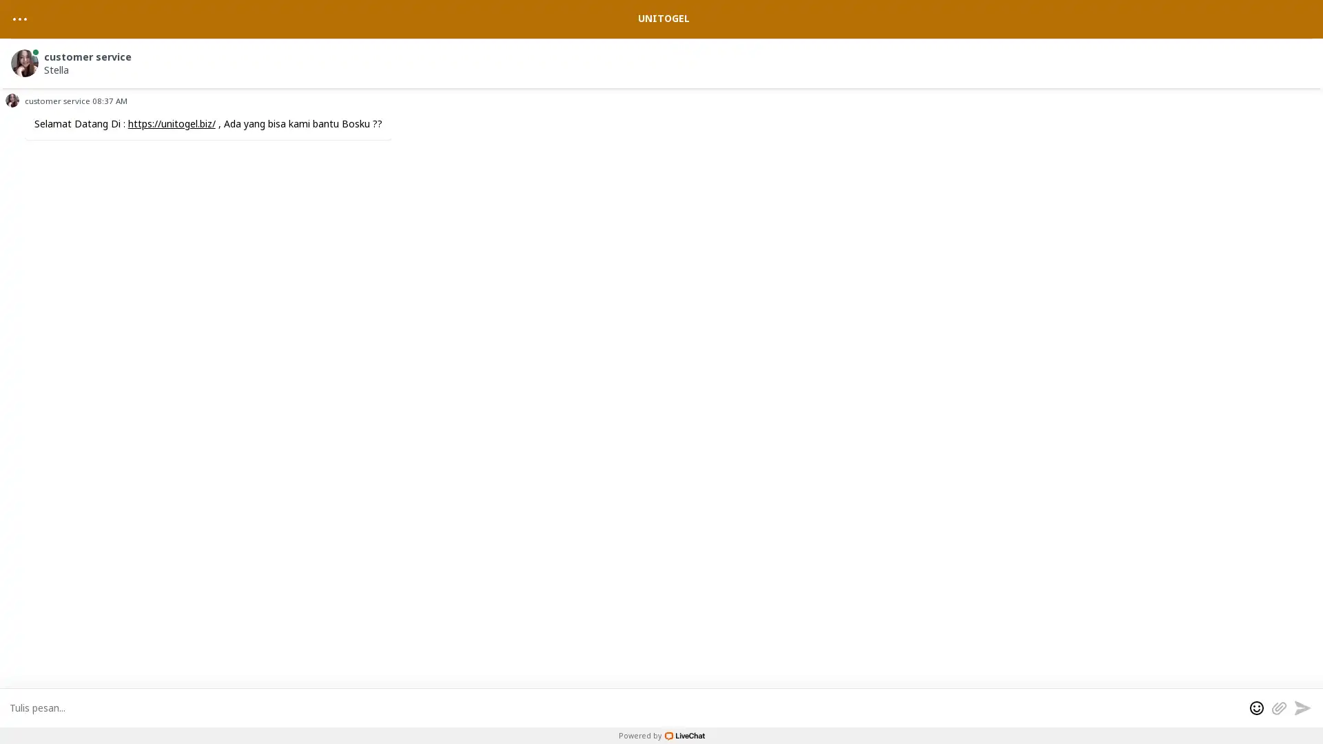 The width and height of the screenshot is (1323, 744). Describe the element at coordinates (1278, 707) in the screenshot. I see `Send a file` at that location.